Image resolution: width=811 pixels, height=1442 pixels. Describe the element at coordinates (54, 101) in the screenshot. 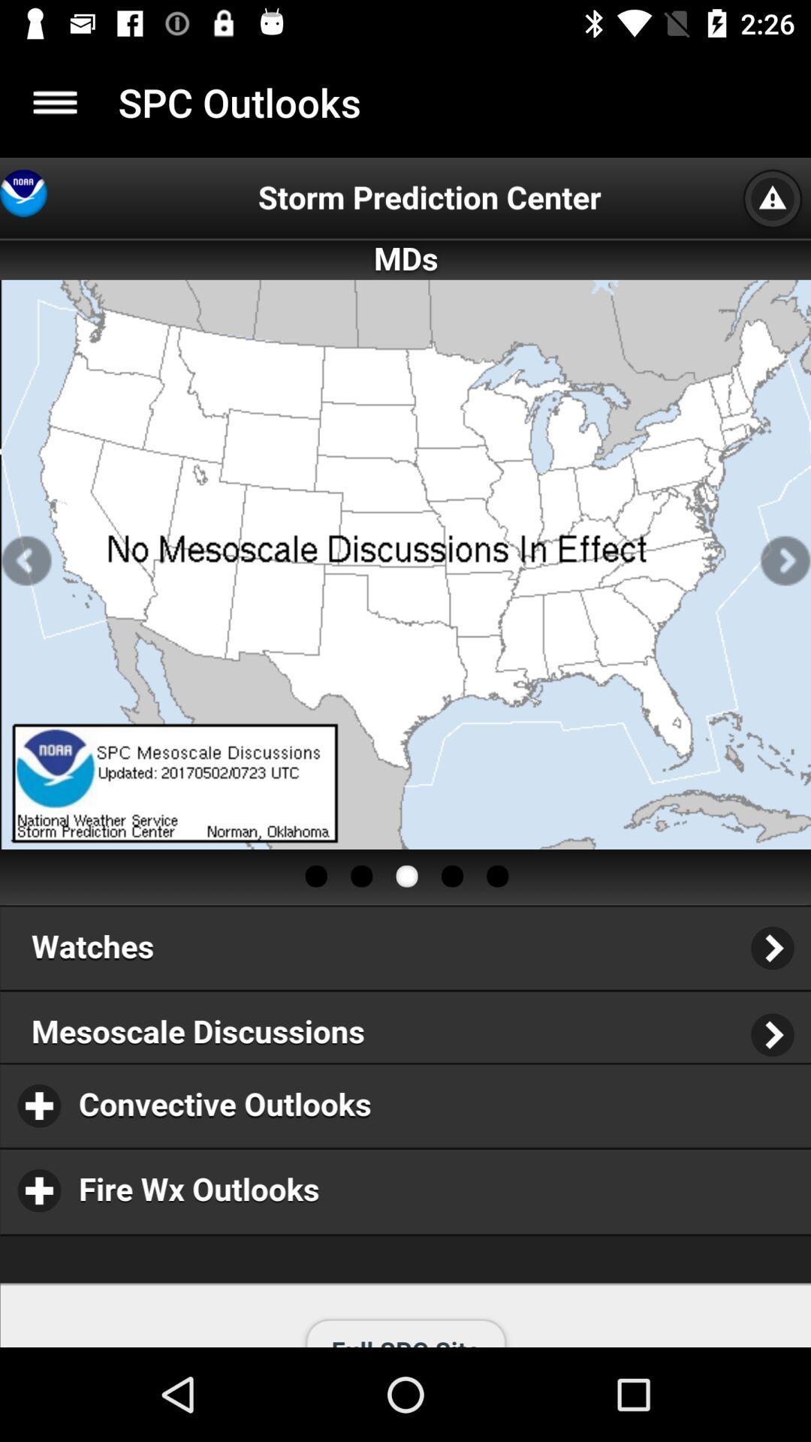

I see `menu options` at that location.